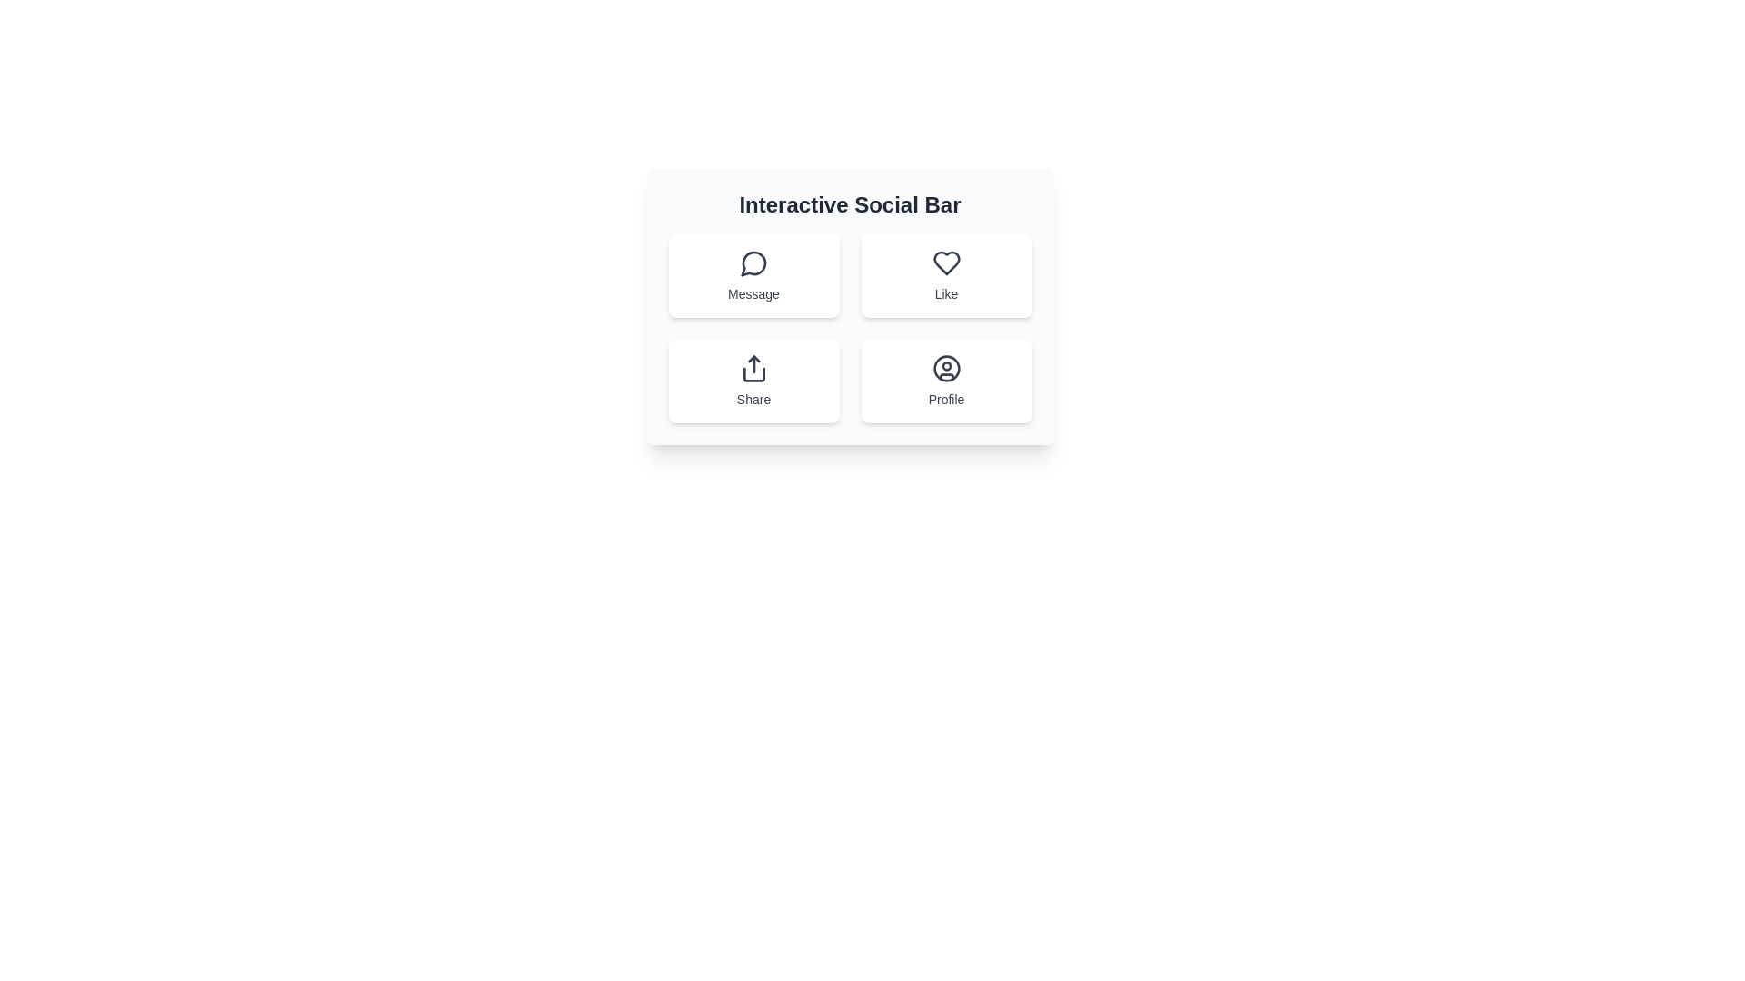  Describe the element at coordinates (945, 293) in the screenshot. I see `the 'Like' text label, which is located below the heart icon in the second tile of a 2x2 grid layout in the interactive social bar` at that location.